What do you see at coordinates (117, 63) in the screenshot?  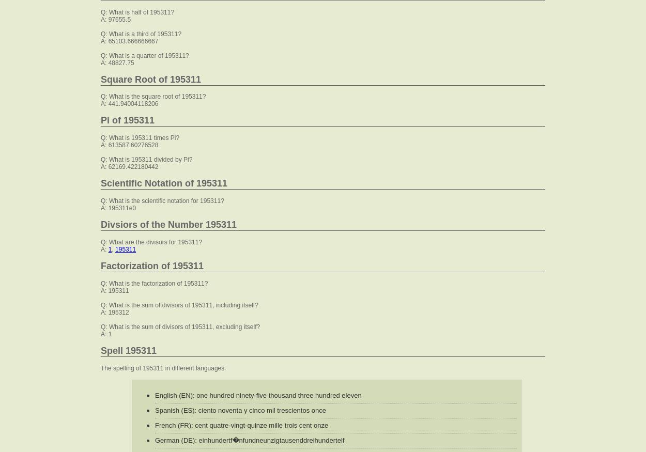 I see `'A: 48827.75'` at bounding box center [117, 63].